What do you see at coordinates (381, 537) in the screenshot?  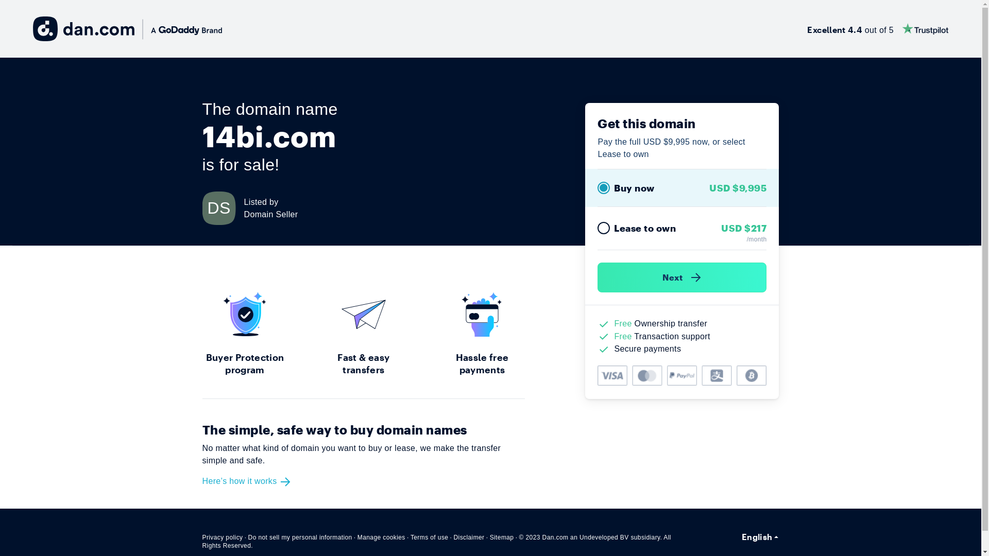 I see `'Manage cookies'` at bounding box center [381, 537].